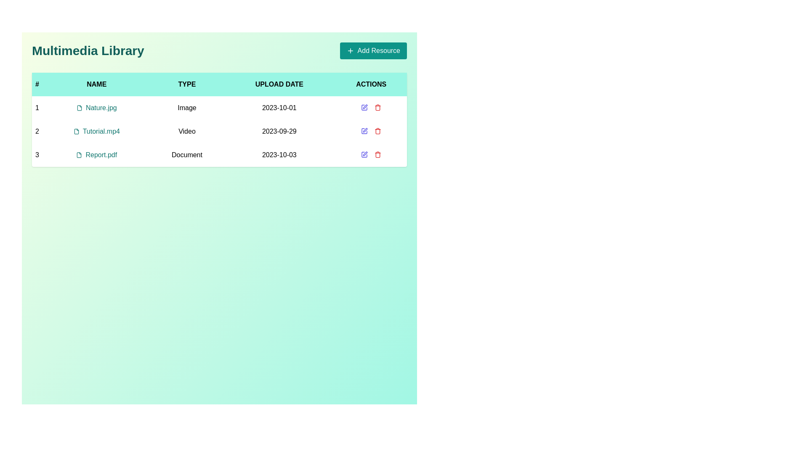 The height and width of the screenshot is (454, 808). I want to click on the edit icon in the control group located at the rightmost part of the second row under the 'Actions' column to modify the row data for 'Tutorial.mp4 Video 2023-09-29', so click(371, 131).